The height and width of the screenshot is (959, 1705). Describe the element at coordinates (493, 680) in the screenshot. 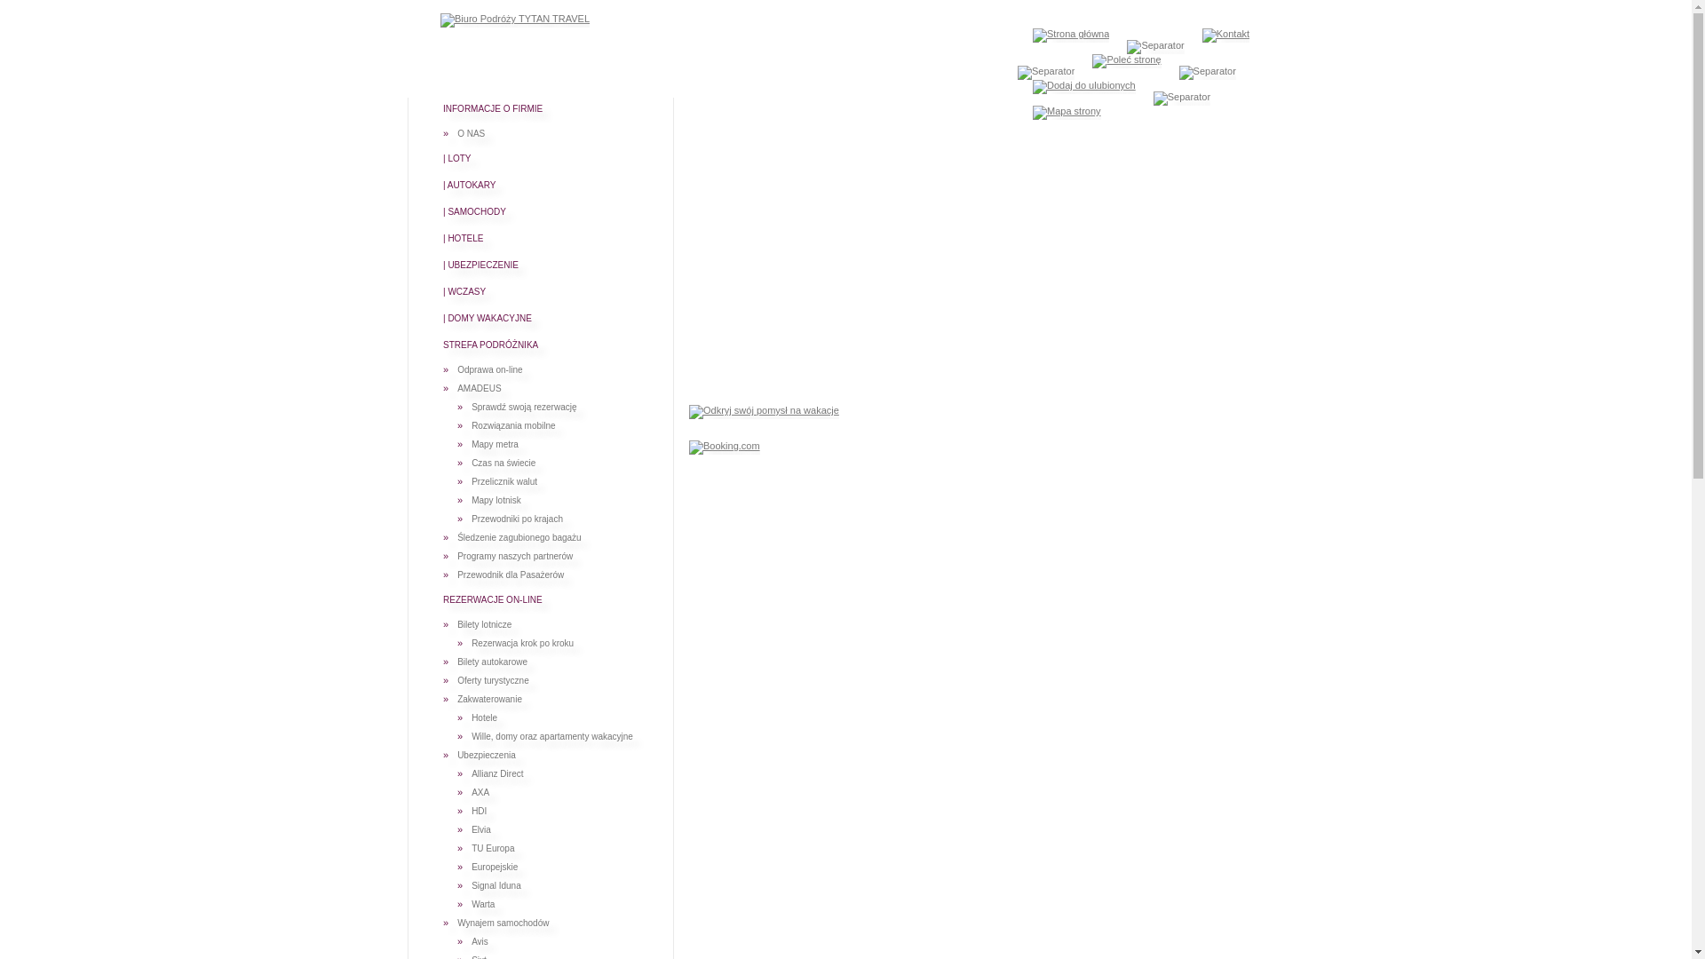

I see `'Oferty turystyczne'` at that location.